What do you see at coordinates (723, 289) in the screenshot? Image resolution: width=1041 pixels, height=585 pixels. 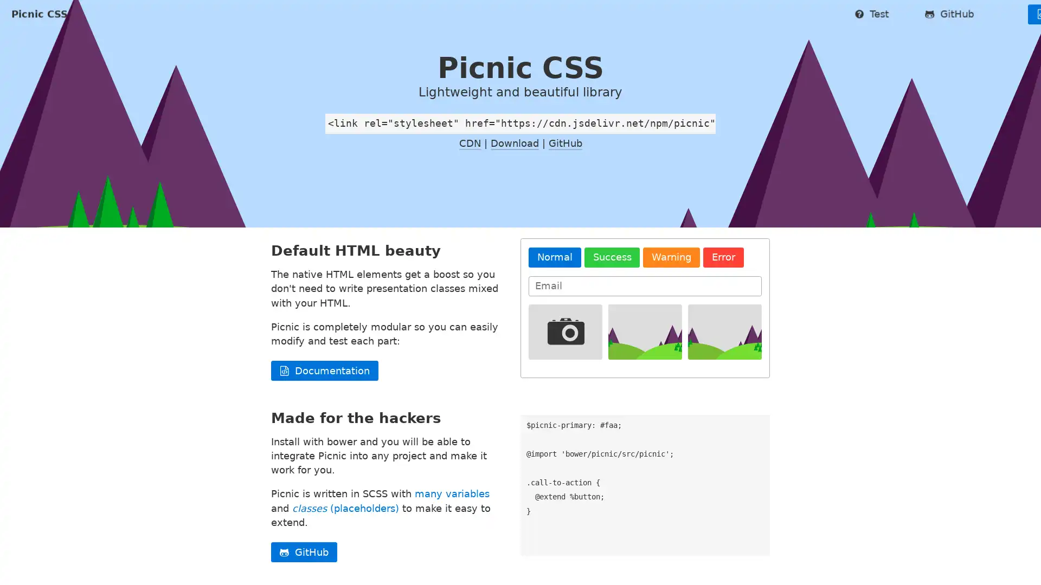 I see `Error` at bounding box center [723, 289].